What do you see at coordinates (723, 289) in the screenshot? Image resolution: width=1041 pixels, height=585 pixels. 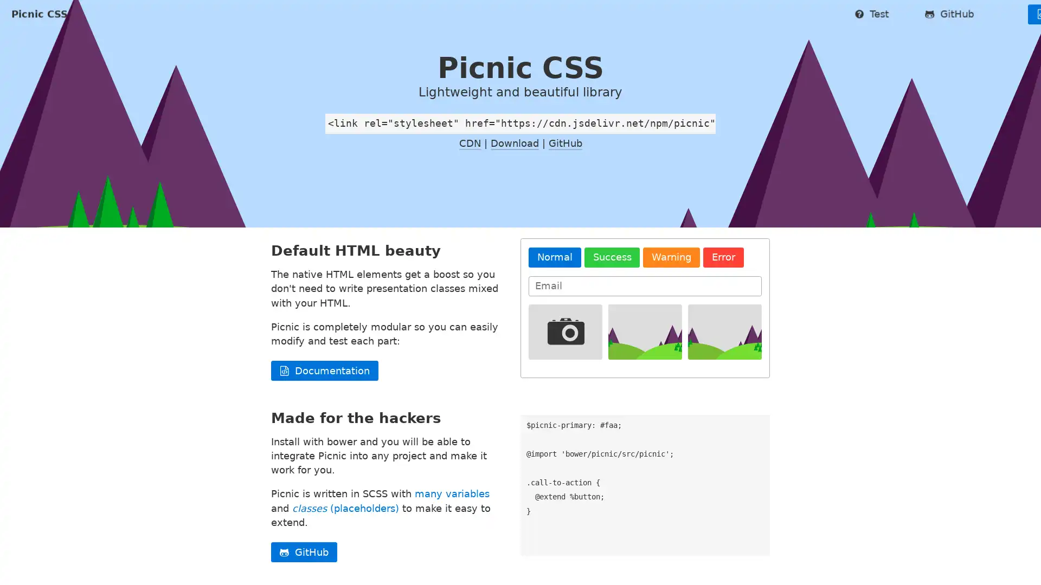 I see `Error` at bounding box center [723, 289].